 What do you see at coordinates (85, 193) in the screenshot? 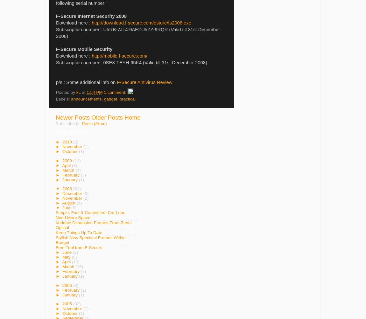
I see `'(5)'` at bounding box center [85, 193].